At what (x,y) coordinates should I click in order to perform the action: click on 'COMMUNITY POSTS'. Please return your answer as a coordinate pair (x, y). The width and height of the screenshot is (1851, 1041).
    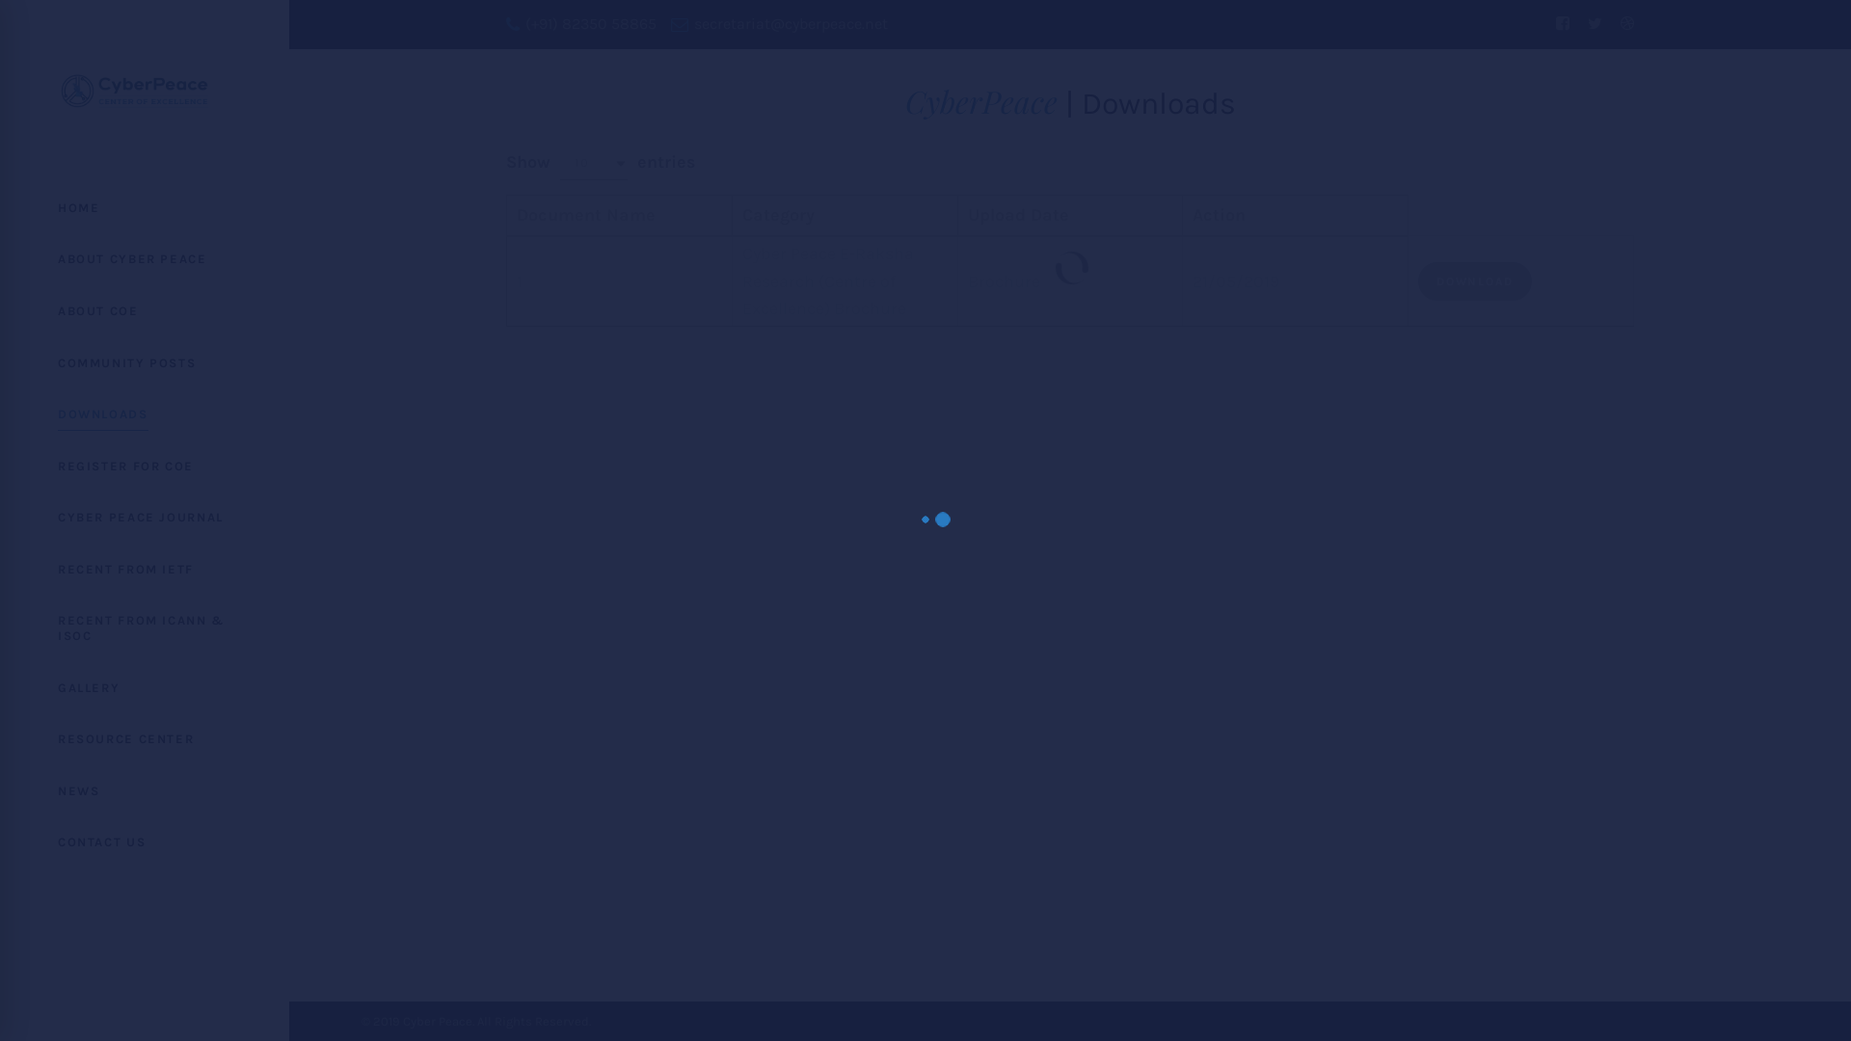
    Looking at the image, I should click on (143, 363).